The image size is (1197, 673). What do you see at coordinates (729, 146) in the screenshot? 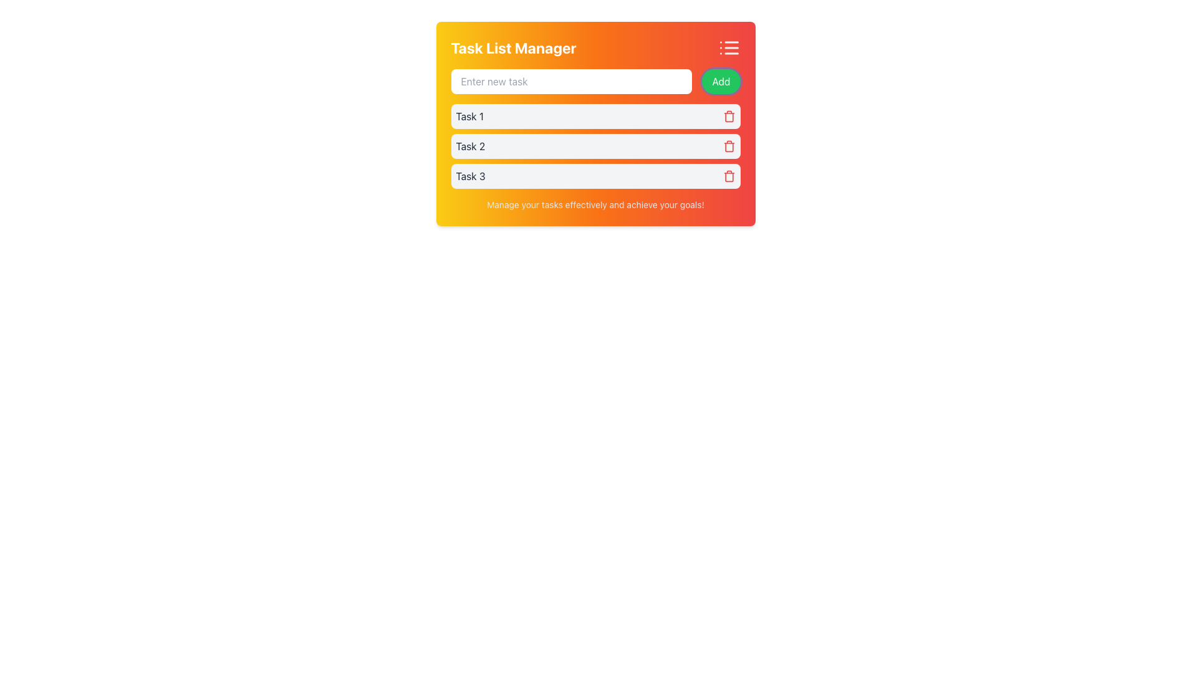
I see `the small red trash icon representing the delete action, located to the far right of the 'Task 2' text entry` at bounding box center [729, 146].